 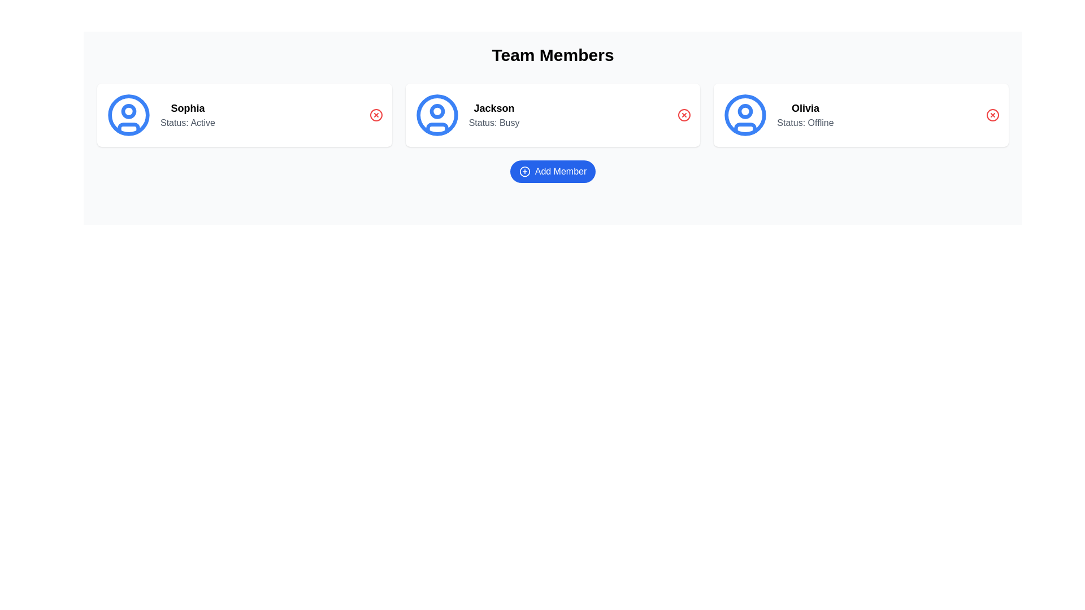 I want to click on the user avatar icon representing 'Sophia Status: Active' located to the left of the text within the first card, so click(x=128, y=115).